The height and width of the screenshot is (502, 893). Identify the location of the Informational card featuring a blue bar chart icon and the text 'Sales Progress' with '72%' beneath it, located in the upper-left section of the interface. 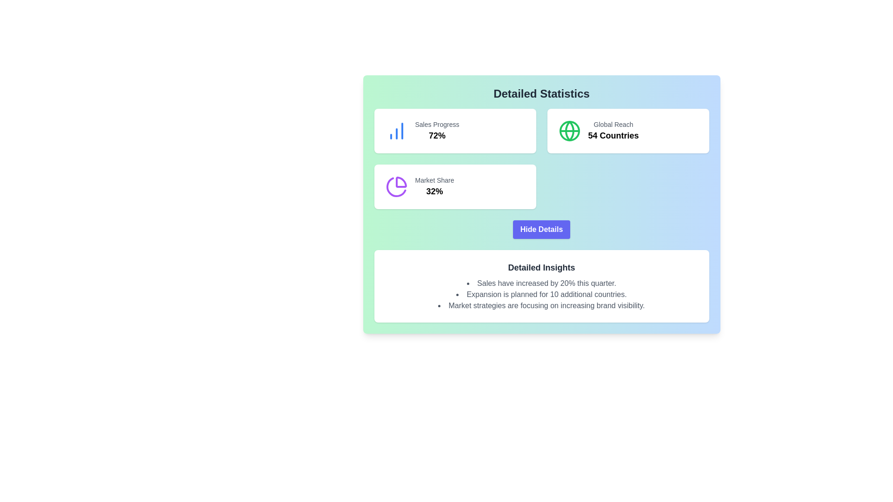
(455, 131).